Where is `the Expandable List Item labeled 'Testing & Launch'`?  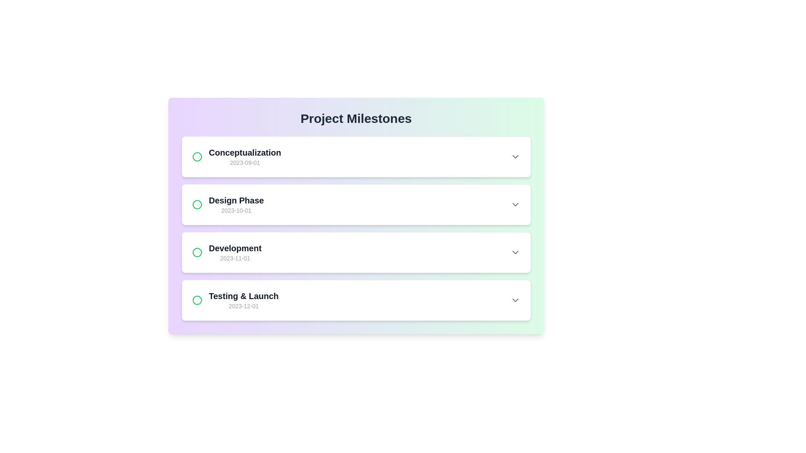
the Expandable List Item labeled 'Testing & Launch' is located at coordinates (356, 300).